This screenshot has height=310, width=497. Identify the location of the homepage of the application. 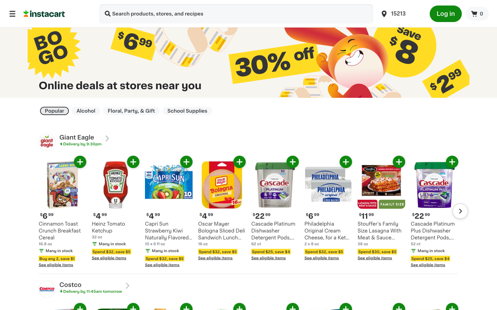
(12, 13).